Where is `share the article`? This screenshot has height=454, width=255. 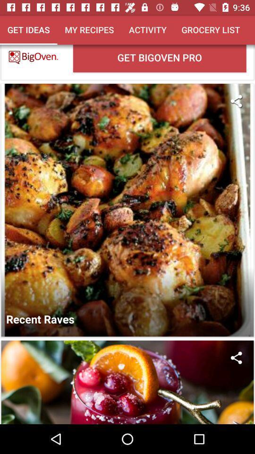 share the article is located at coordinates (236, 101).